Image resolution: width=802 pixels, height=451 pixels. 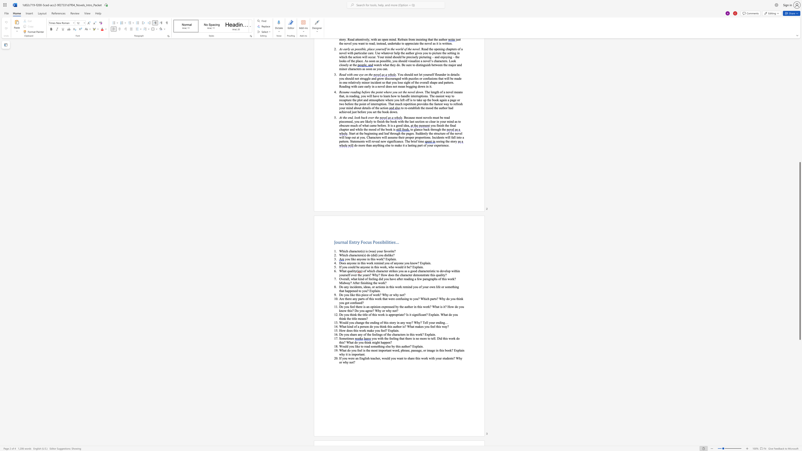 I want to click on the space between the continuous character "u" and "a" in the text, so click(x=351, y=270).